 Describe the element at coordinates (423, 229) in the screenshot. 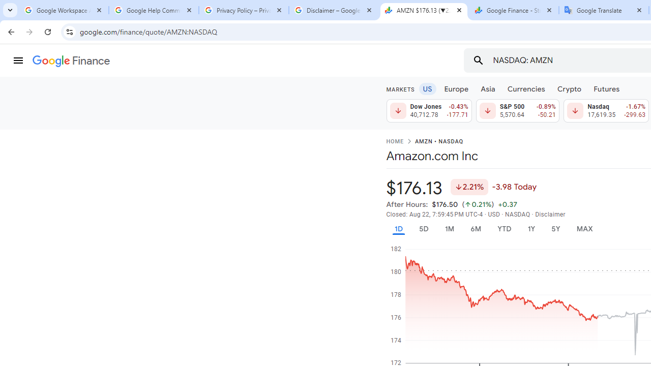

I see `'5D'` at that location.